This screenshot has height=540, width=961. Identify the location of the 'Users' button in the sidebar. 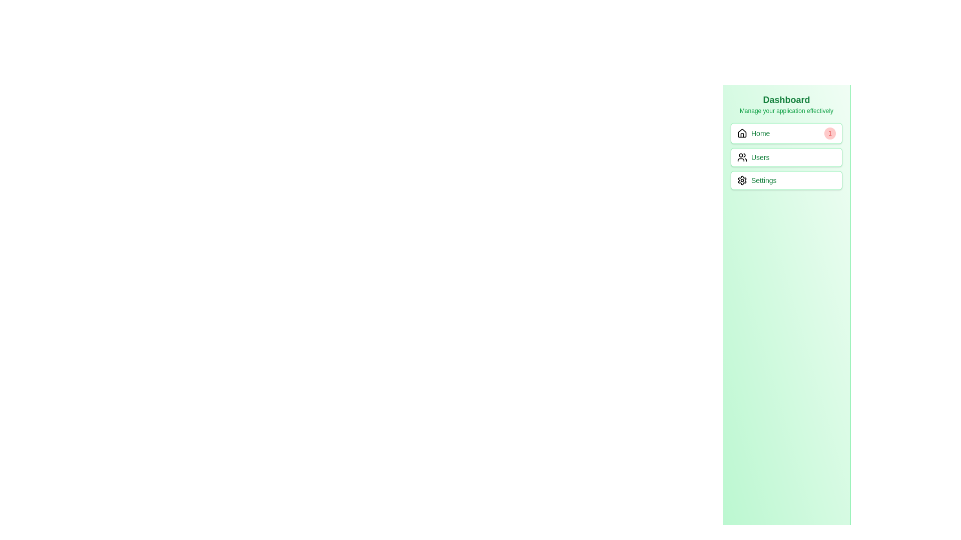
(786, 156).